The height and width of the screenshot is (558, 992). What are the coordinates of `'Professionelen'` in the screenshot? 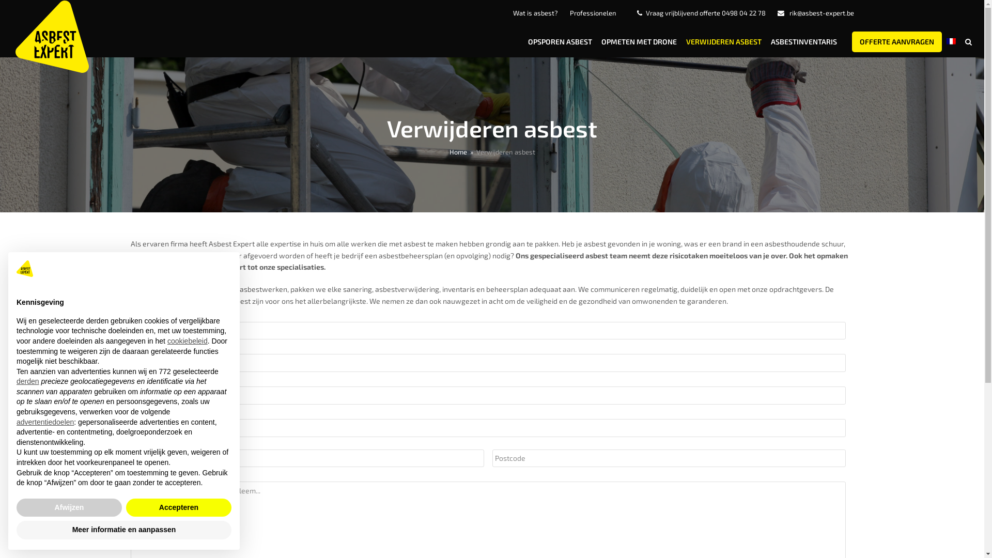 It's located at (593, 12).